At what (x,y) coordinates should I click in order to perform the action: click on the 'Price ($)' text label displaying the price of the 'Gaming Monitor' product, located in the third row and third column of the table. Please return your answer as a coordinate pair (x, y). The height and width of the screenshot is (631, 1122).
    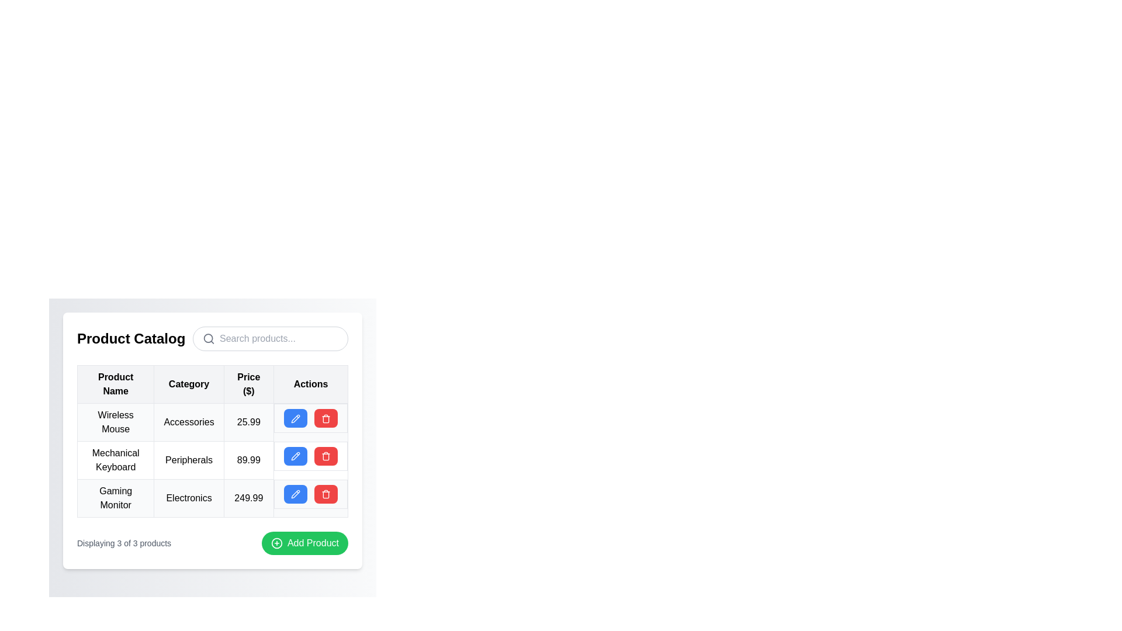
    Looking at the image, I should click on (248, 498).